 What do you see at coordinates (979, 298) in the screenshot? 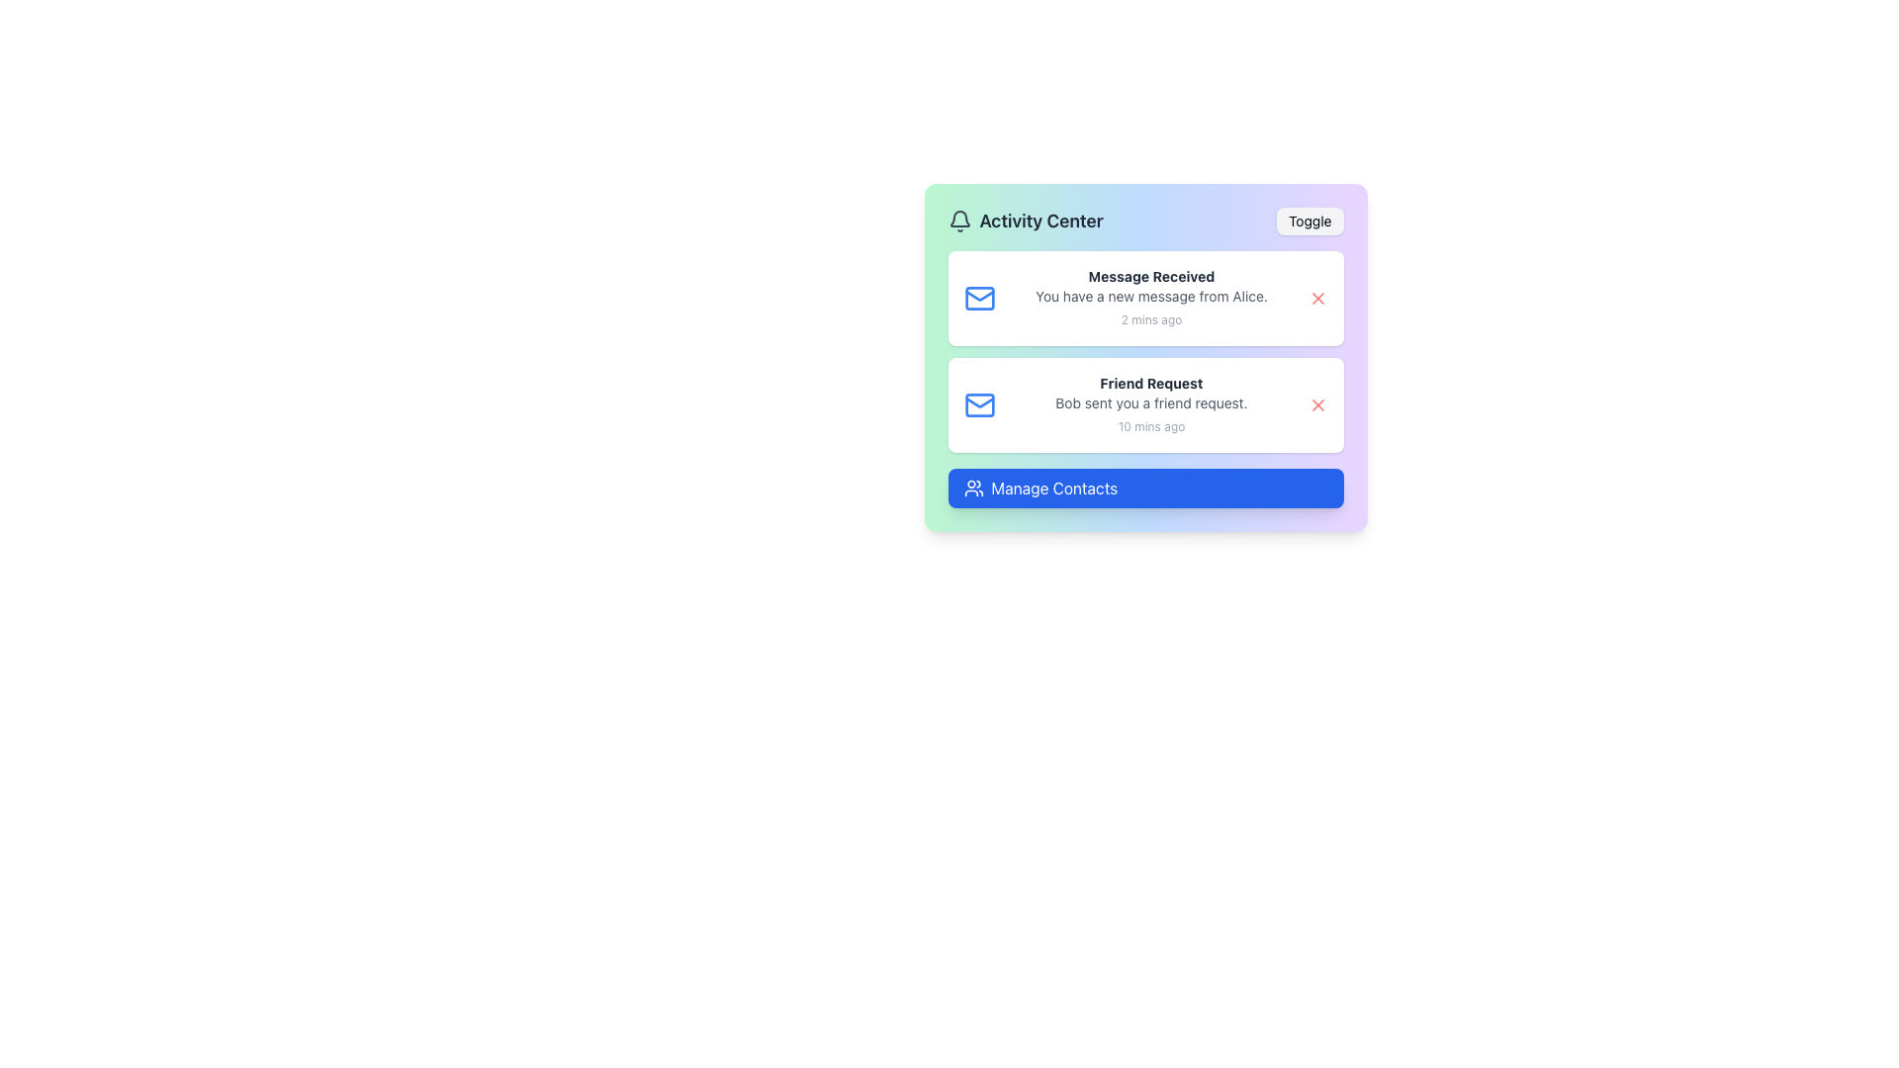
I see `the blue outlined envelope icon indicating a mail notification, located to the left of the 'Message Received' text` at bounding box center [979, 298].